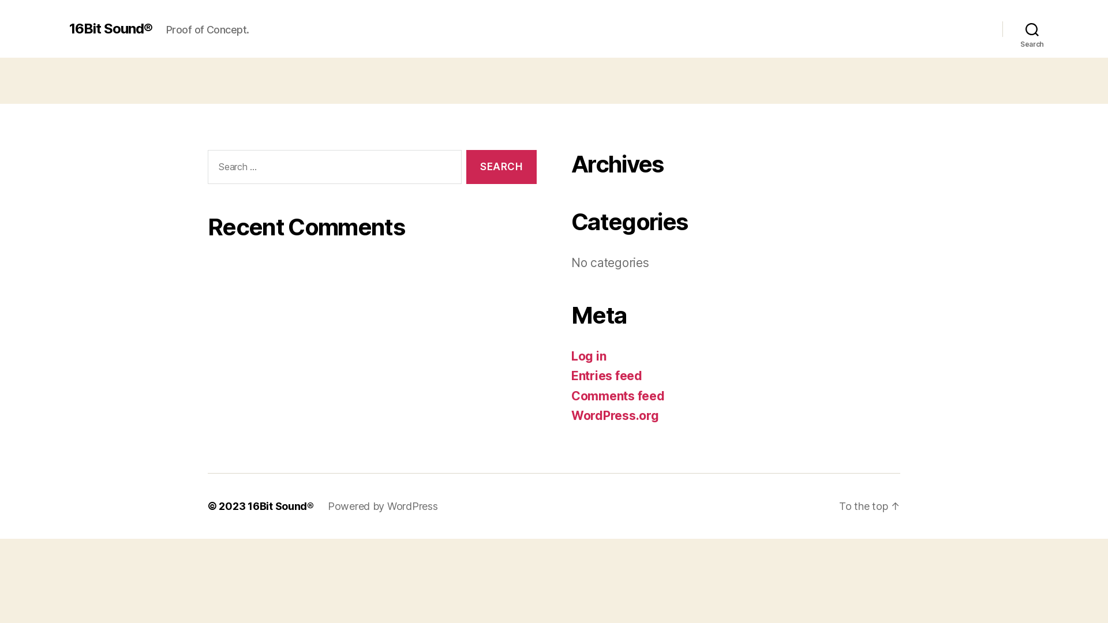 Image resolution: width=1108 pixels, height=623 pixels. I want to click on 'WordPress.org', so click(614, 415).